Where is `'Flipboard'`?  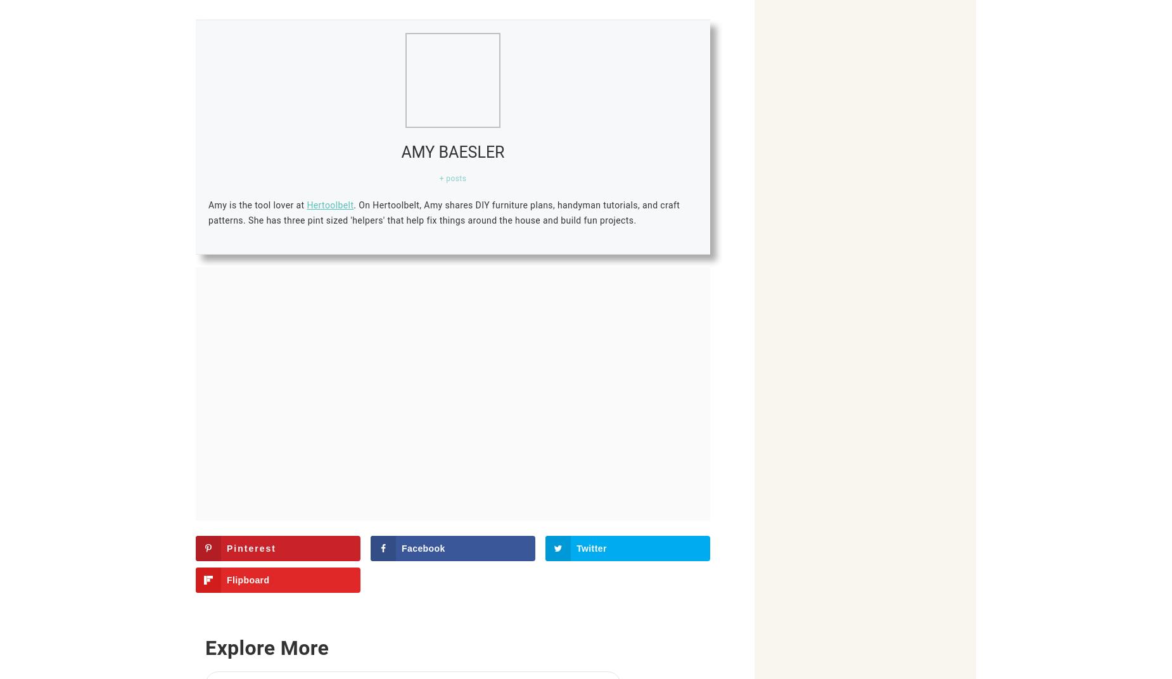
'Flipboard' is located at coordinates (247, 580).